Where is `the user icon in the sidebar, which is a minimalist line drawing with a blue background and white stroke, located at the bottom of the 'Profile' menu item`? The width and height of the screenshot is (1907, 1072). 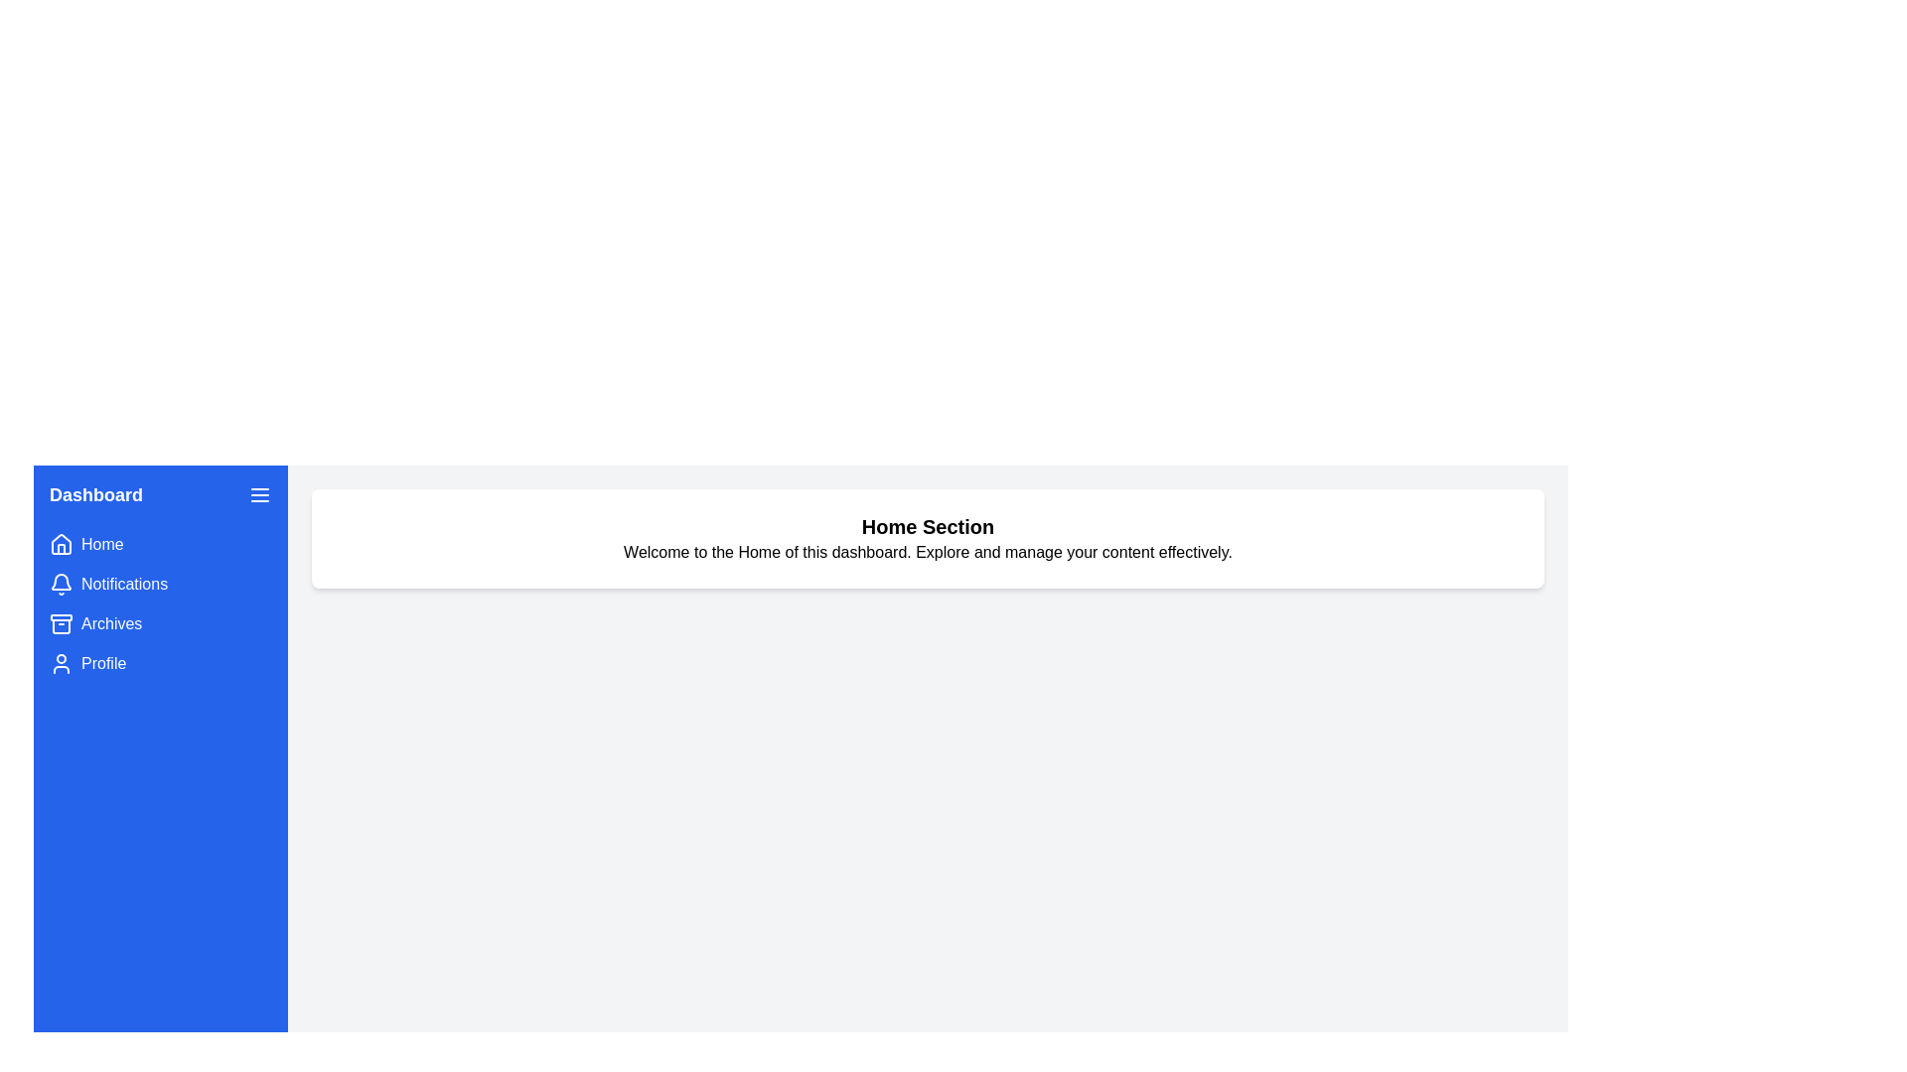 the user icon in the sidebar, which is a minimalist line drawing with a blue background and white stroke, located at the bottom of the 'Profile' menu item is located at coordinates (62, 663).